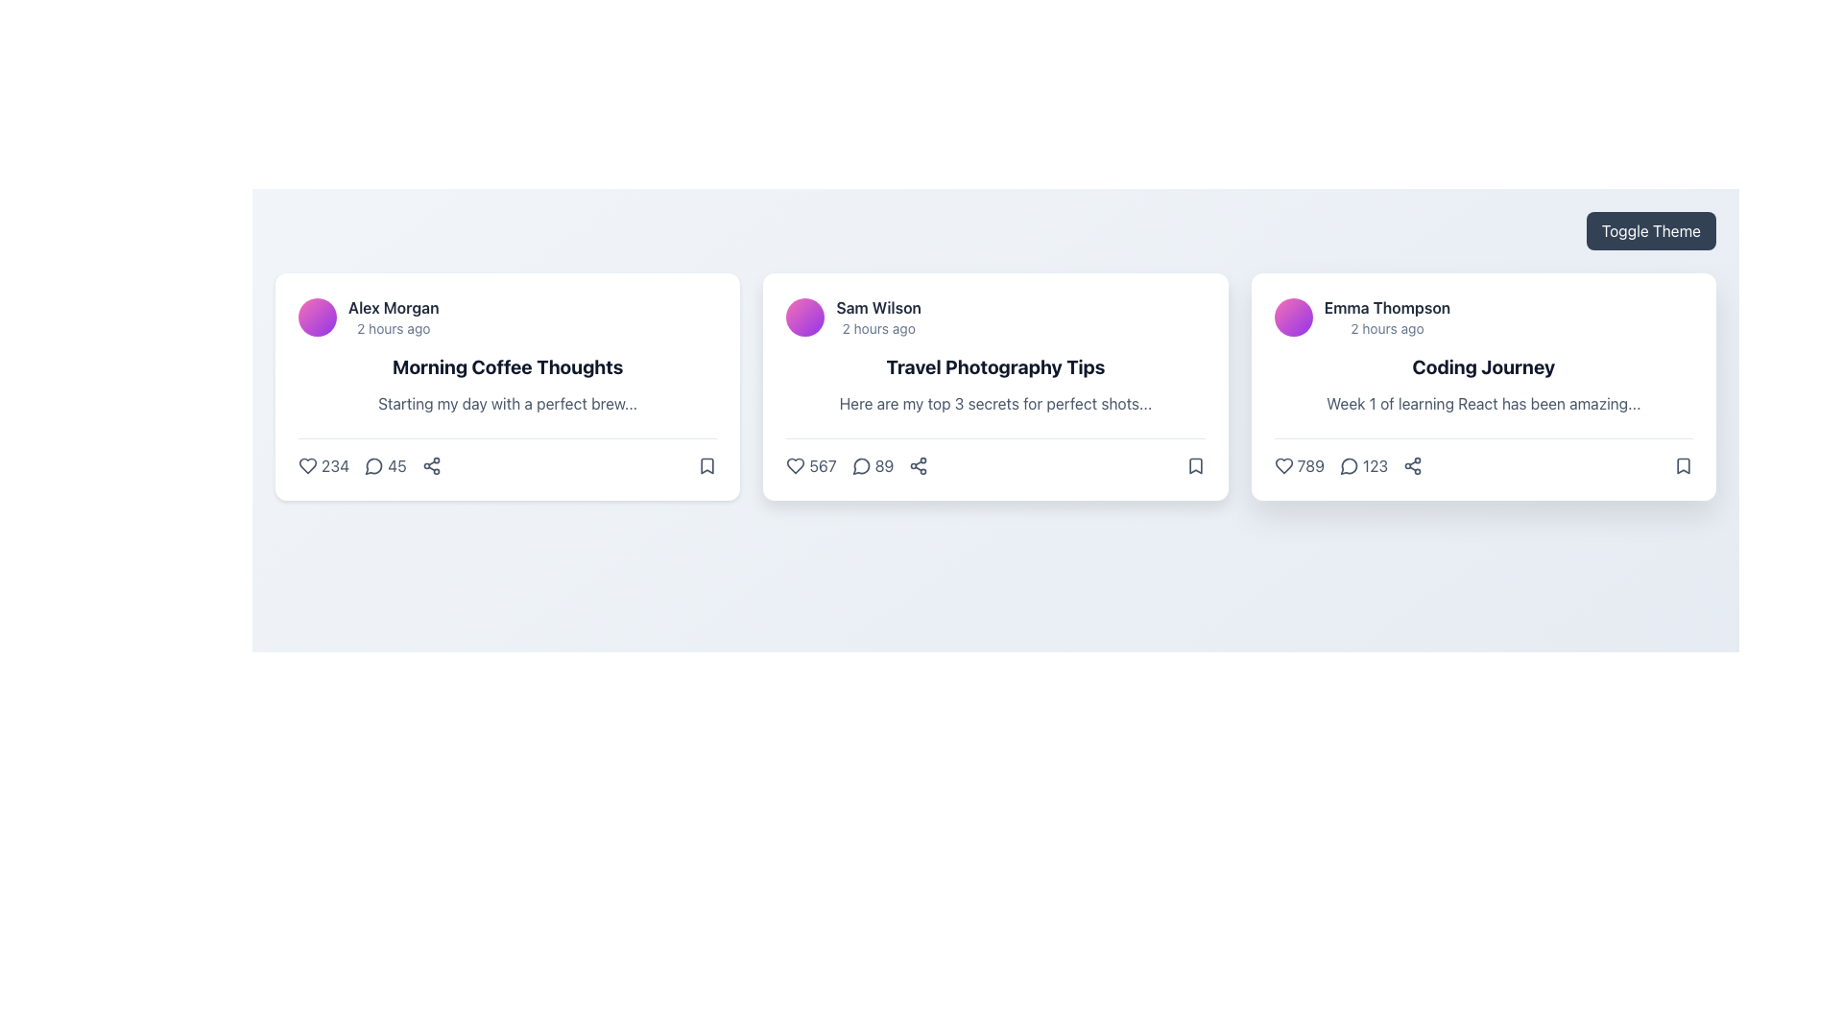  What do you see at coordinates (877, 317) in the screenshot?
I see `author's name and timestamp displayed in the text area located at the top-left corner of the second card in a horizontal list of three cards` at bounding box center [877, 317].